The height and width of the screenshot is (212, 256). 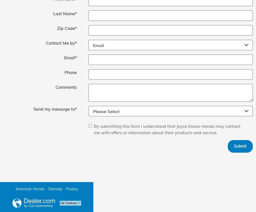 I want to click on 'Submit', so click(x=233, y=145).